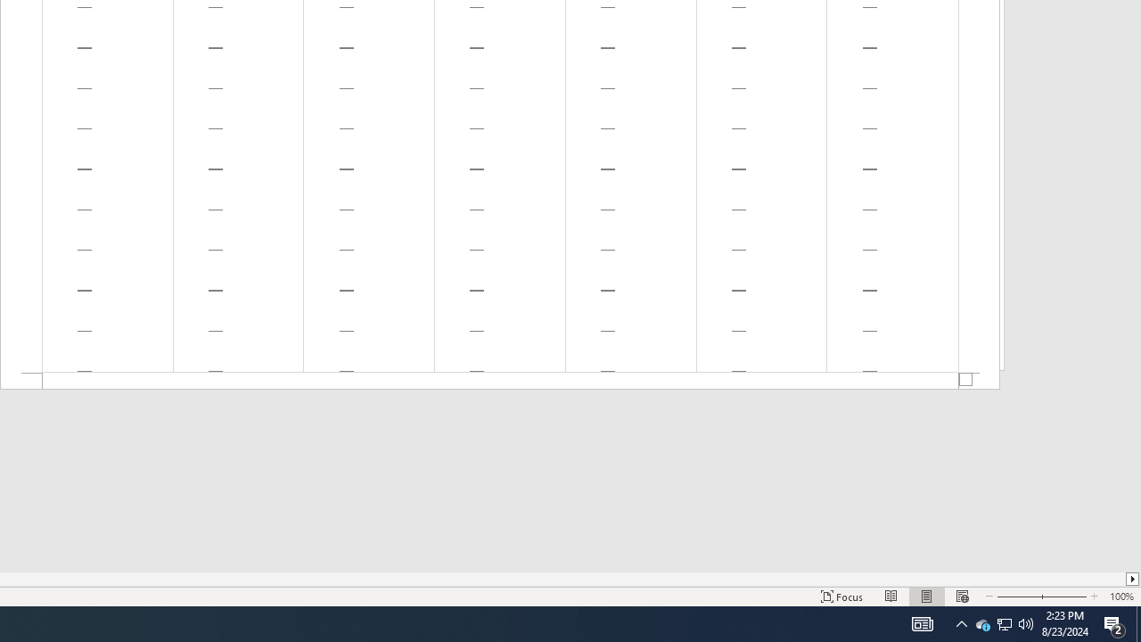 The height and width of the screenshot is (642, 1141). I want to click on 'Read Mode', so click(891, 597).